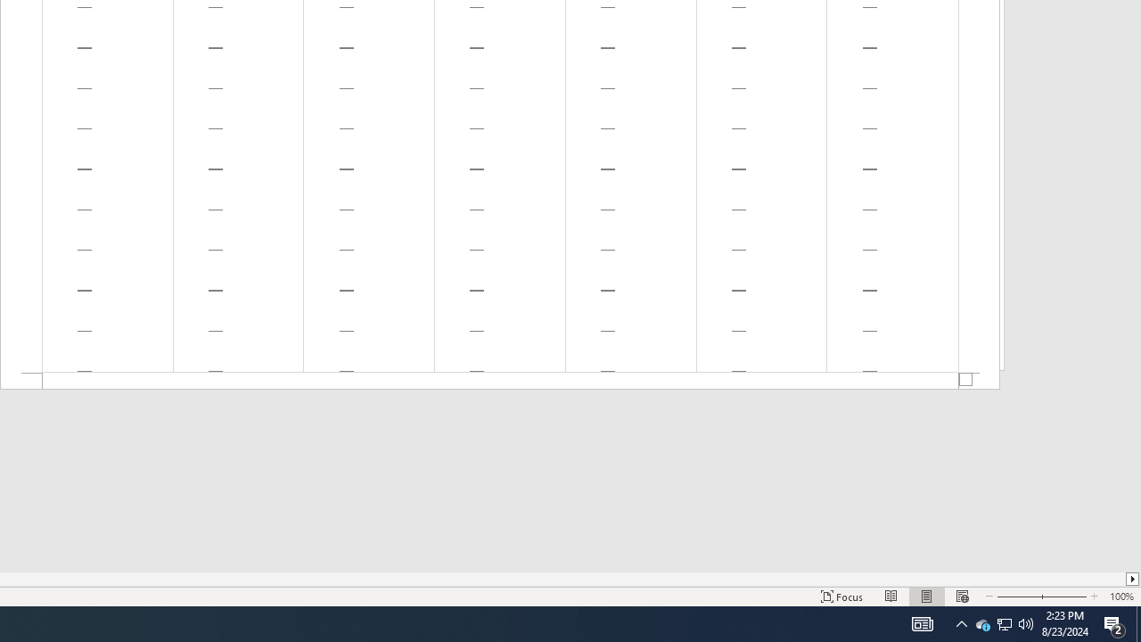 The height and width of the screenshot is (642, 1141). I want to click on 'Read Mode', so click(891, 597).